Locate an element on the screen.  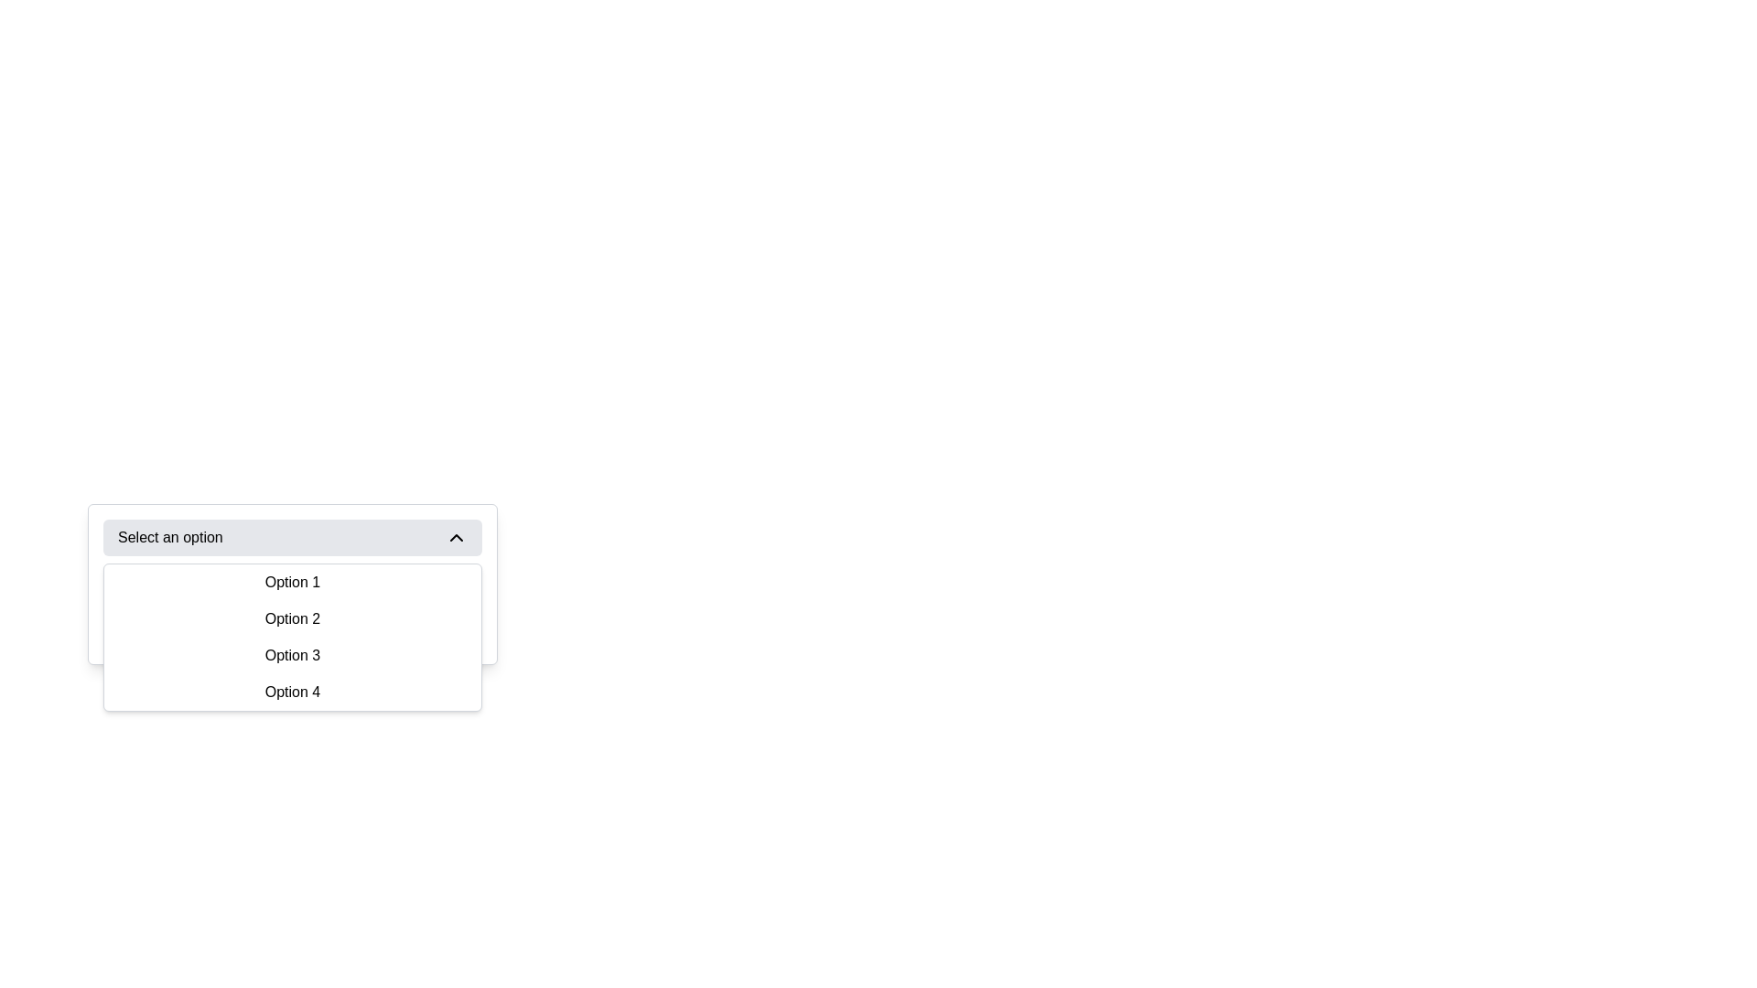
the second item in the dropdown menu is located at coordinates (293, 618).